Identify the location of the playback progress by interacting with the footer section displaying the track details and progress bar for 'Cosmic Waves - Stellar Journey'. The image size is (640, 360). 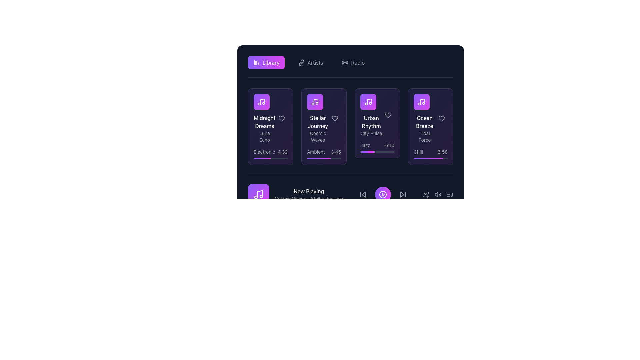
(350, 198).